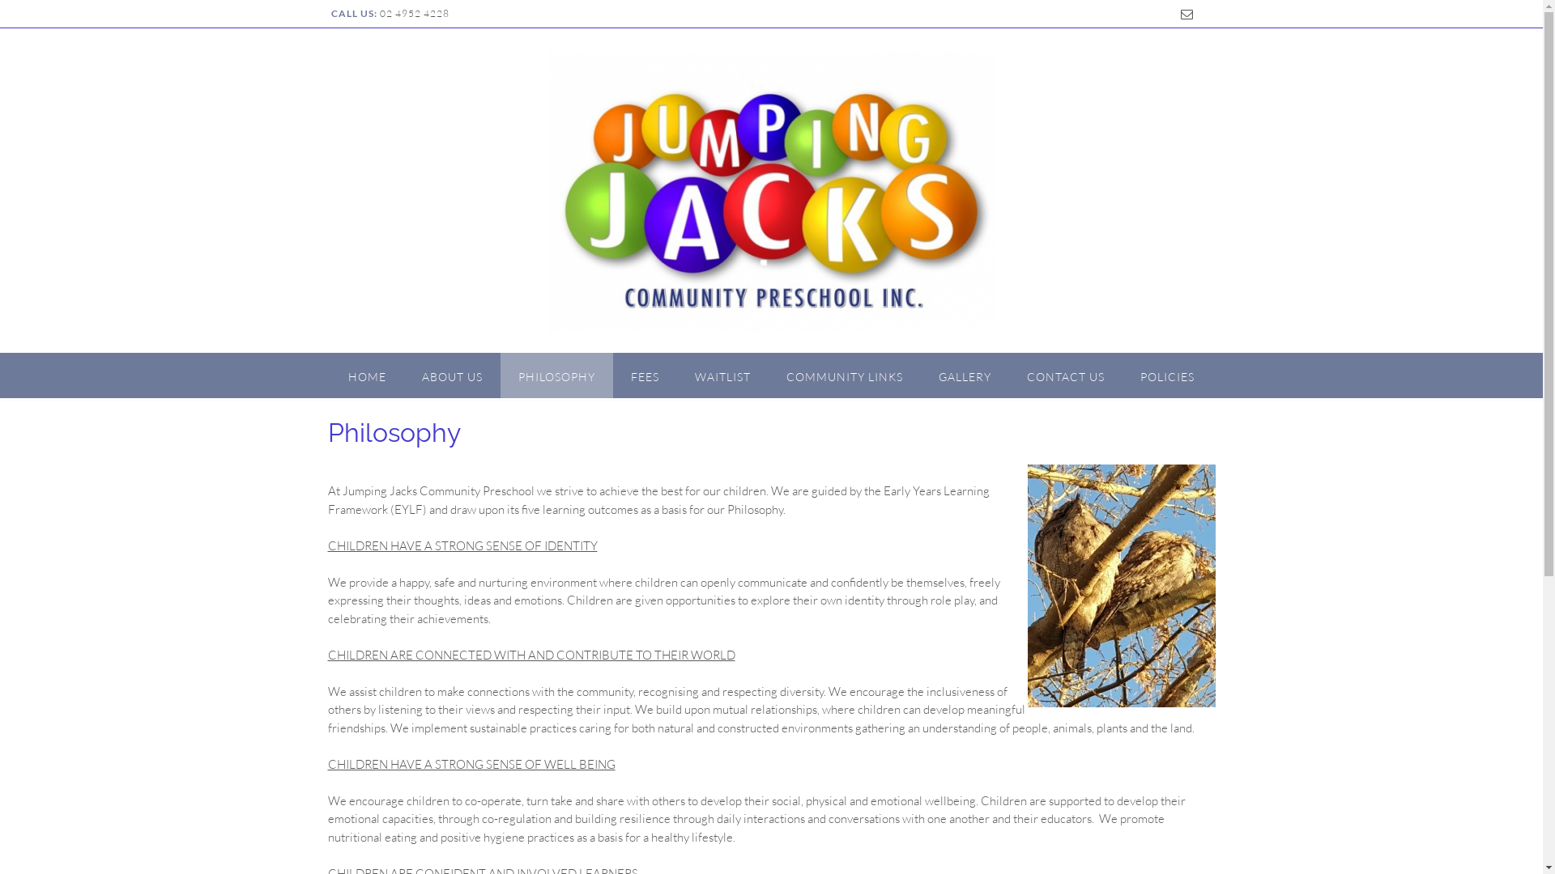 The height and width of the screenshot is (874, 1555). I want to click on 'WAITLIST', so click(722, 375).